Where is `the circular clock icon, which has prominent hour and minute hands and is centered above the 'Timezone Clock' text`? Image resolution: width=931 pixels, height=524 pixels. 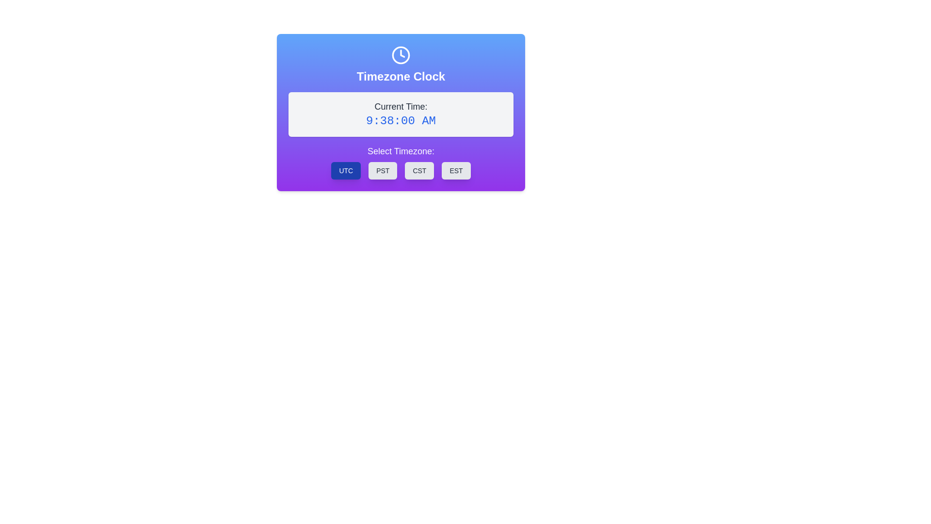 the circular clock icon, which has prominent hour and minute hands and is centered above the 'Timezone Clock' text is located at coordinates (401, 55).